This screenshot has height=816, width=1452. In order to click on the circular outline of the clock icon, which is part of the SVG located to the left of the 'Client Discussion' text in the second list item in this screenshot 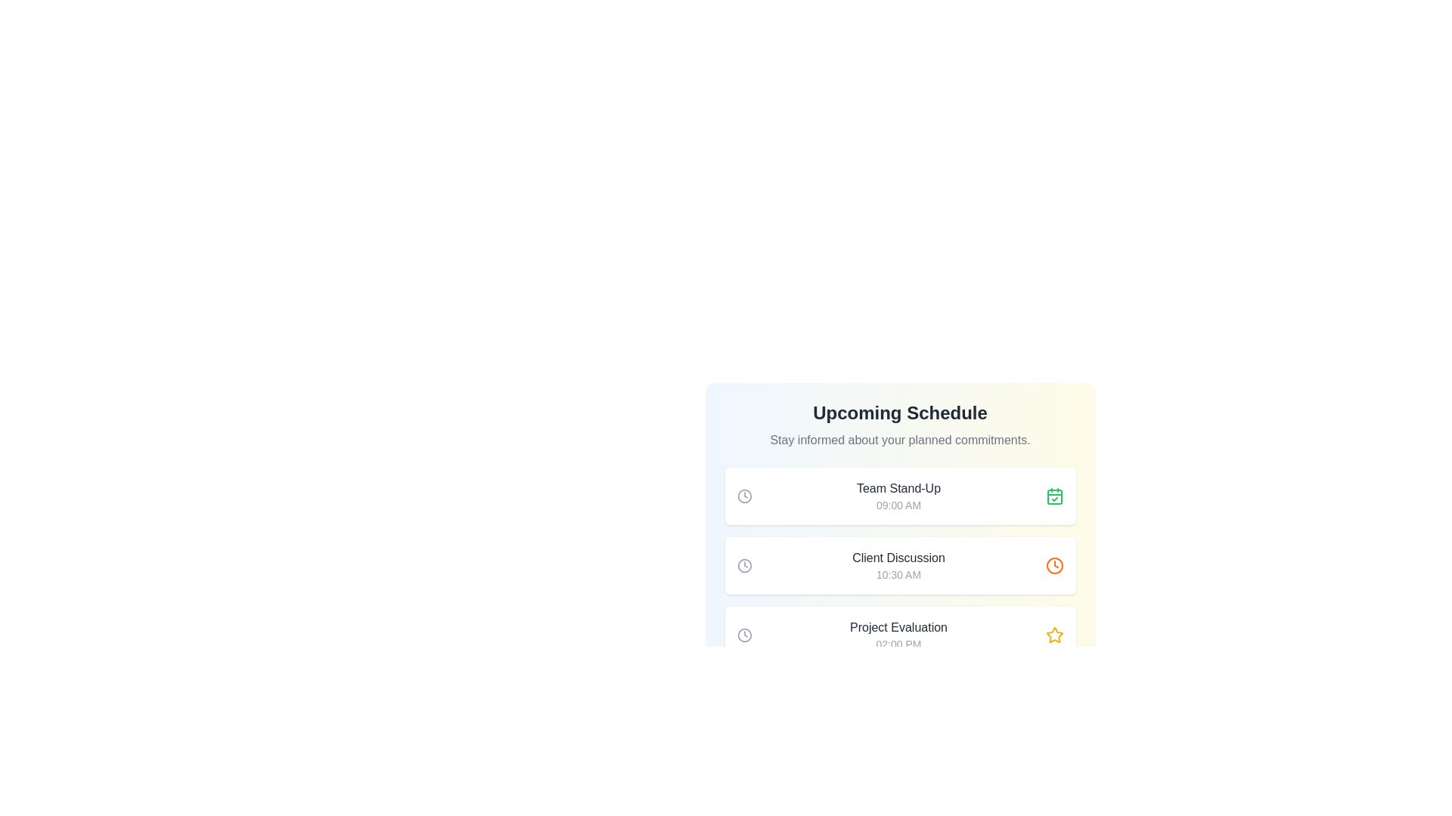, I will do `click(744, 565)`.